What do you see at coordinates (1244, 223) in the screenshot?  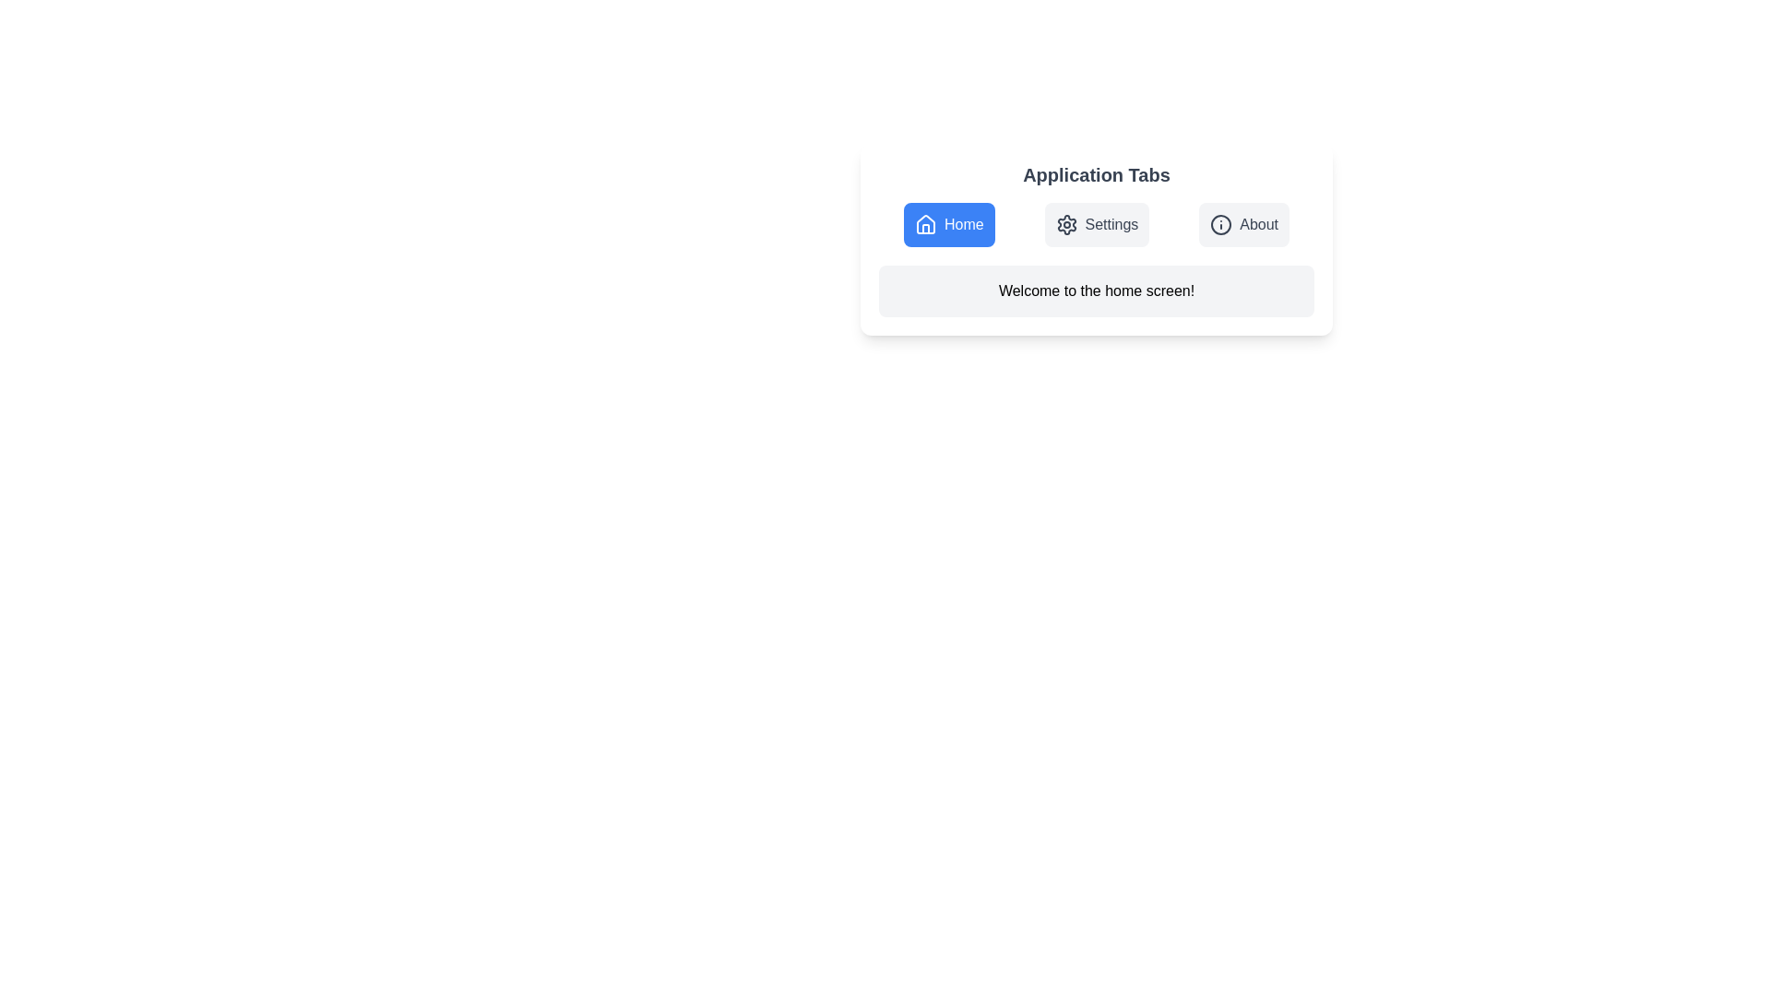 I see `the tab About to change the displayed content` at bounding box center [1244, 223].